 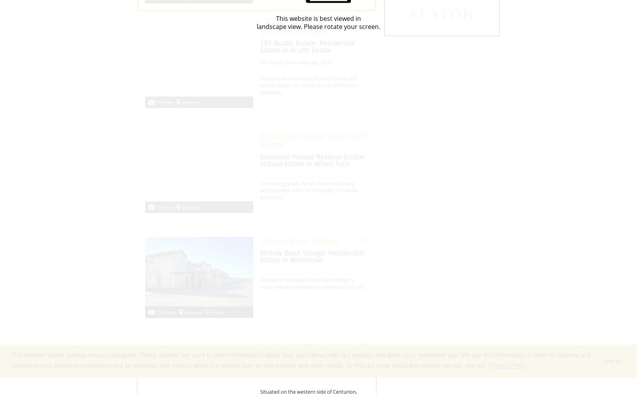 What do you see at coordinates (293, 30) in the screenshot?
I see `'101 Acutts Estate'` at bounding box center [293, 30].